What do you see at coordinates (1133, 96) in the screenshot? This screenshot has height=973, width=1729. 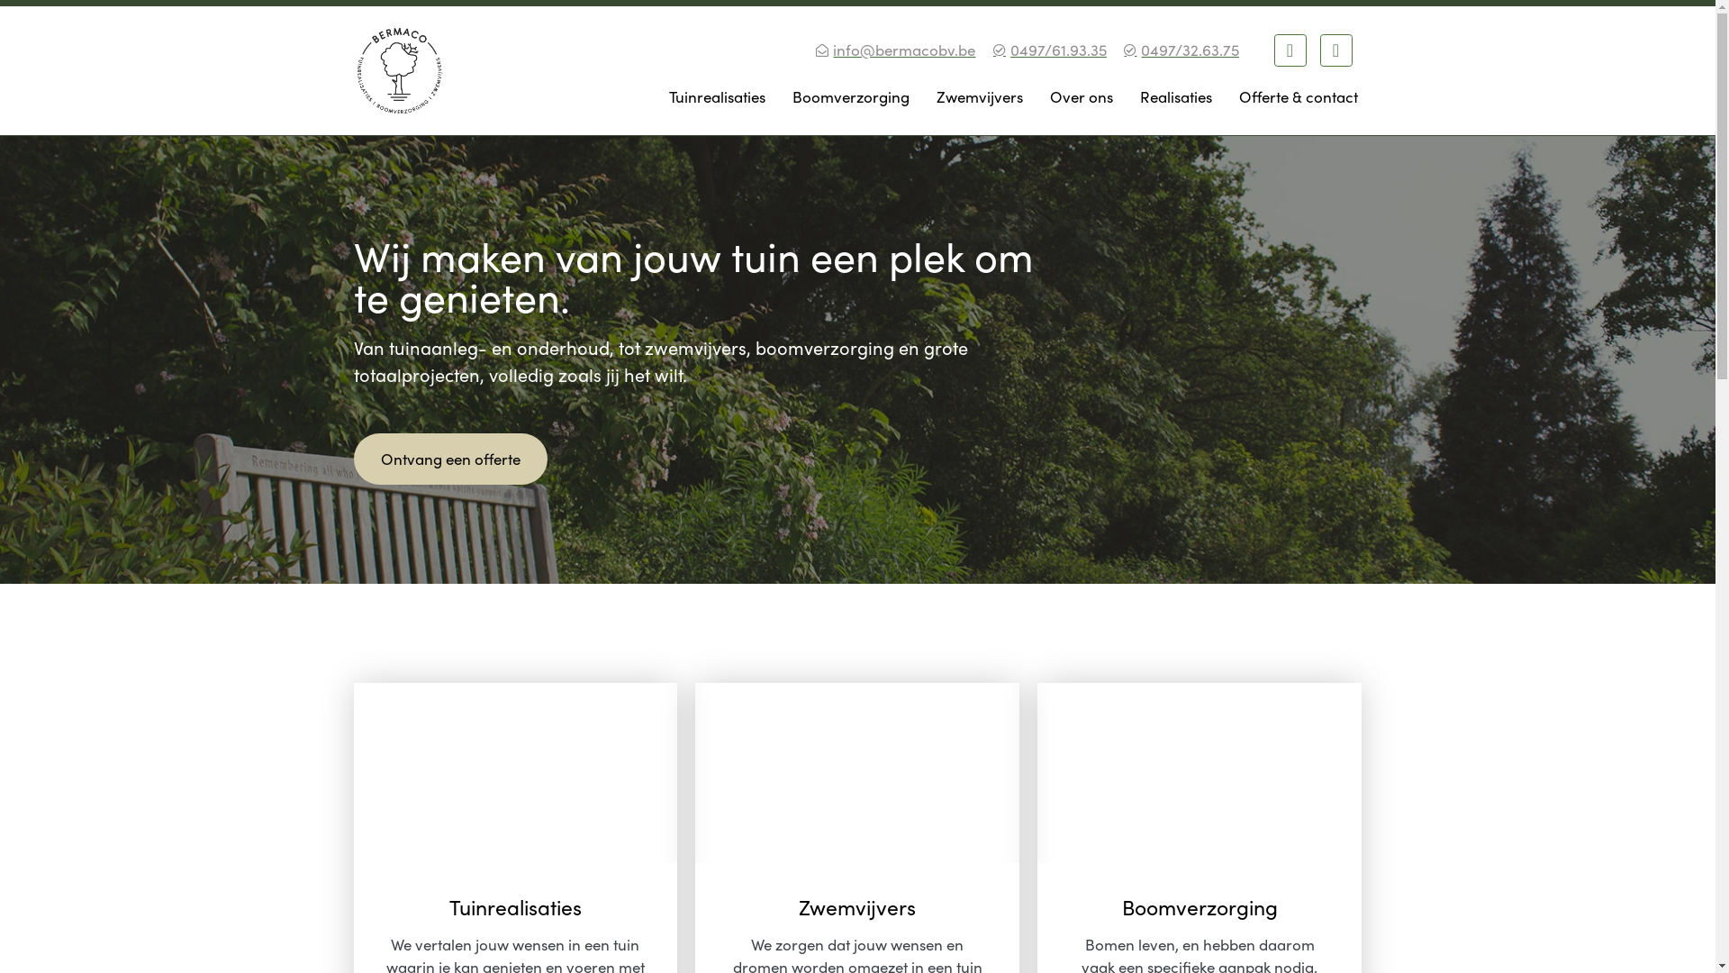 I see `'Realisaties'` at bounding box center [1133, 96].